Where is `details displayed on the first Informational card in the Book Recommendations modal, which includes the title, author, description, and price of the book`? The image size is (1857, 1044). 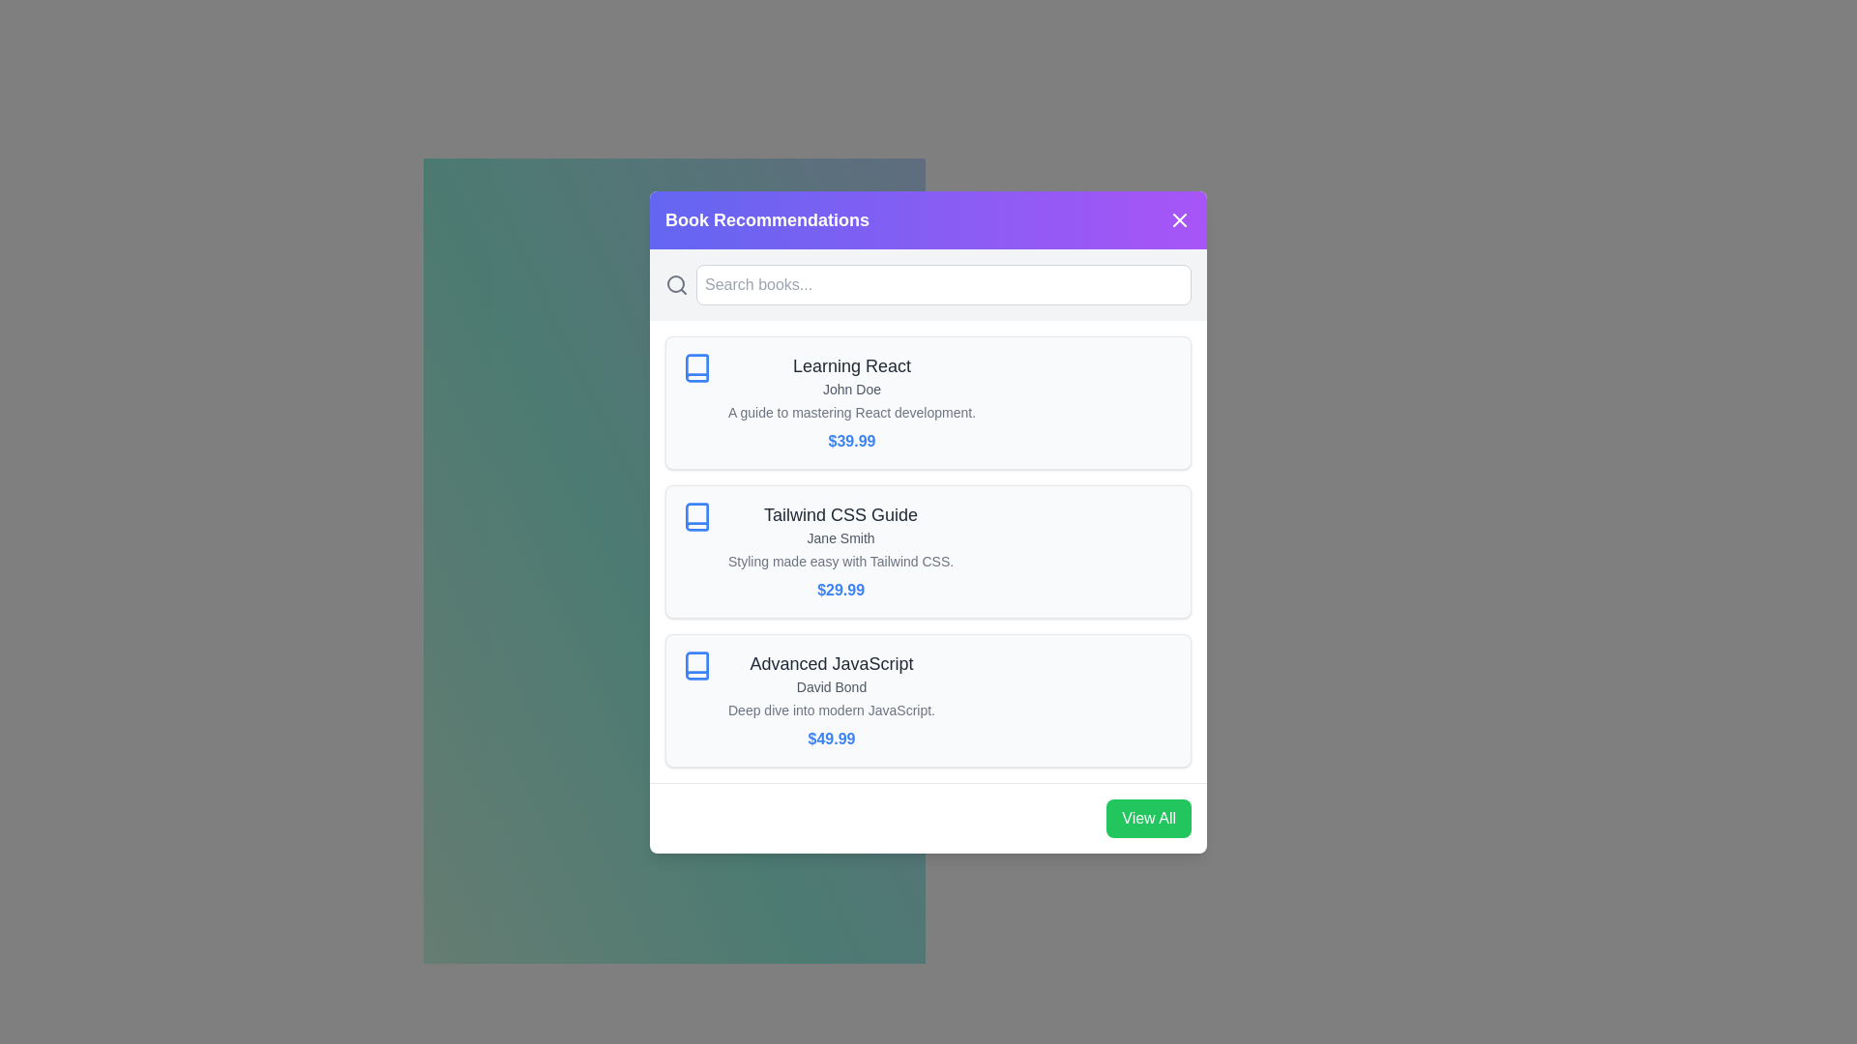
details displayed on the first Informational card in the Book Recommendations modal, which includes the title, author, description, and price of the book is located at coordinates (851, 401).